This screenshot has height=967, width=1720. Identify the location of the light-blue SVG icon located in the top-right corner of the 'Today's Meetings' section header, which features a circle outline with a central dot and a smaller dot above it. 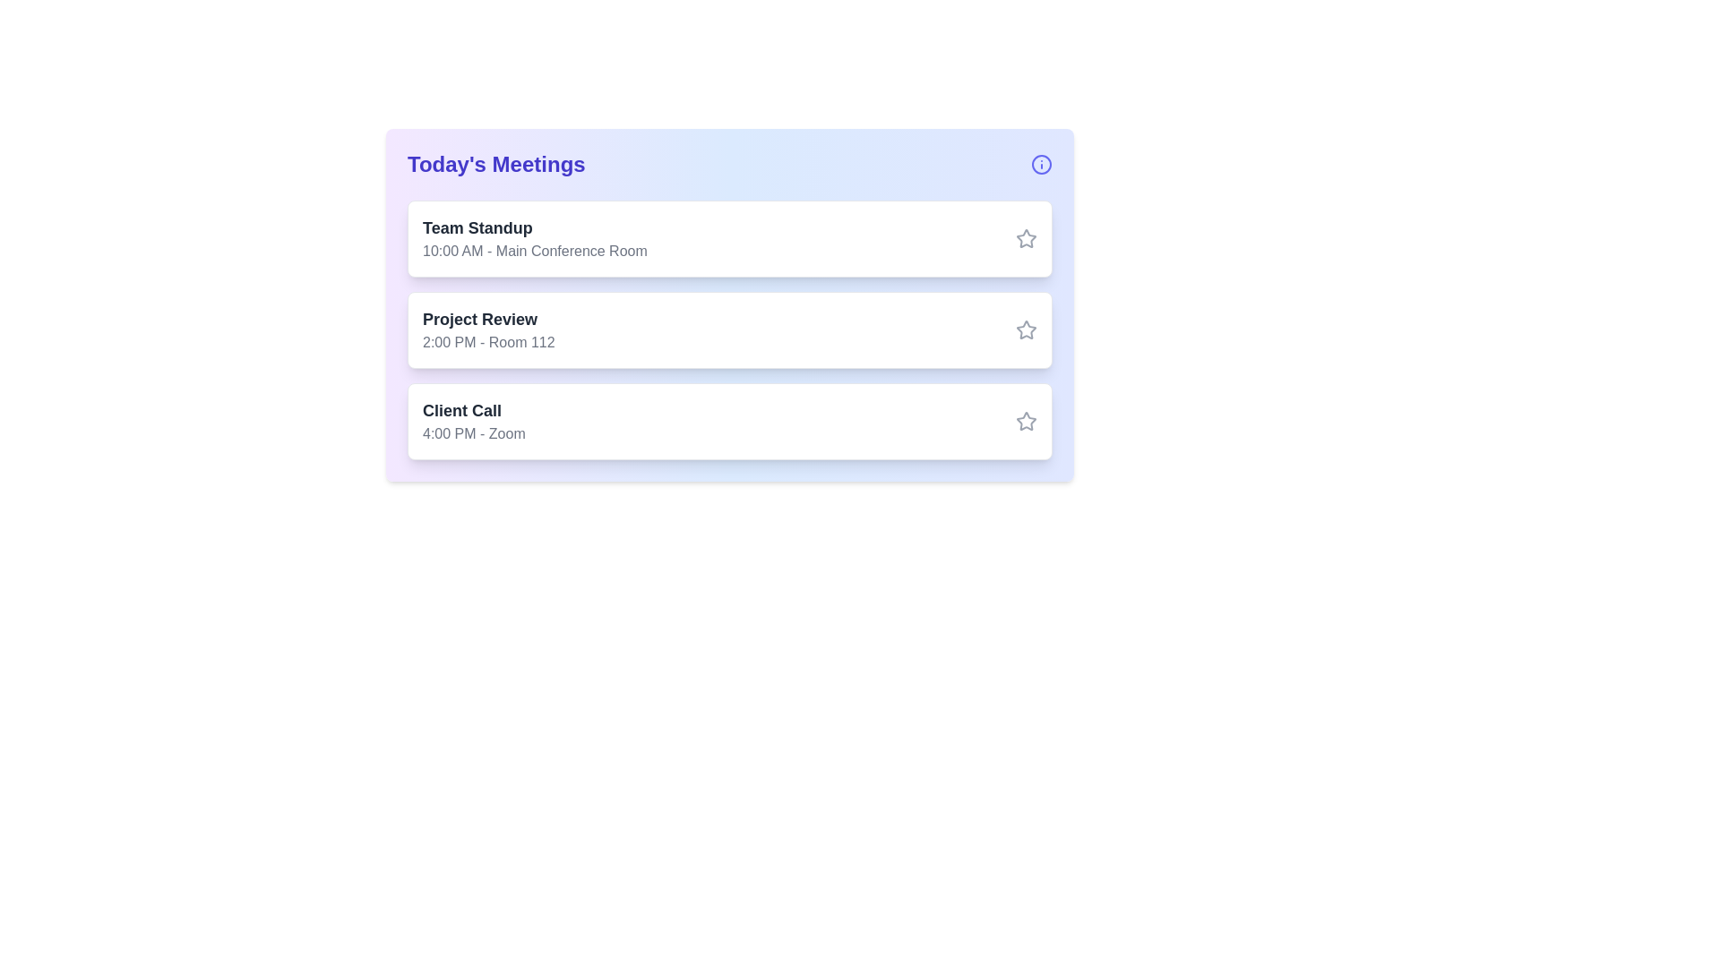
(1041, 165).